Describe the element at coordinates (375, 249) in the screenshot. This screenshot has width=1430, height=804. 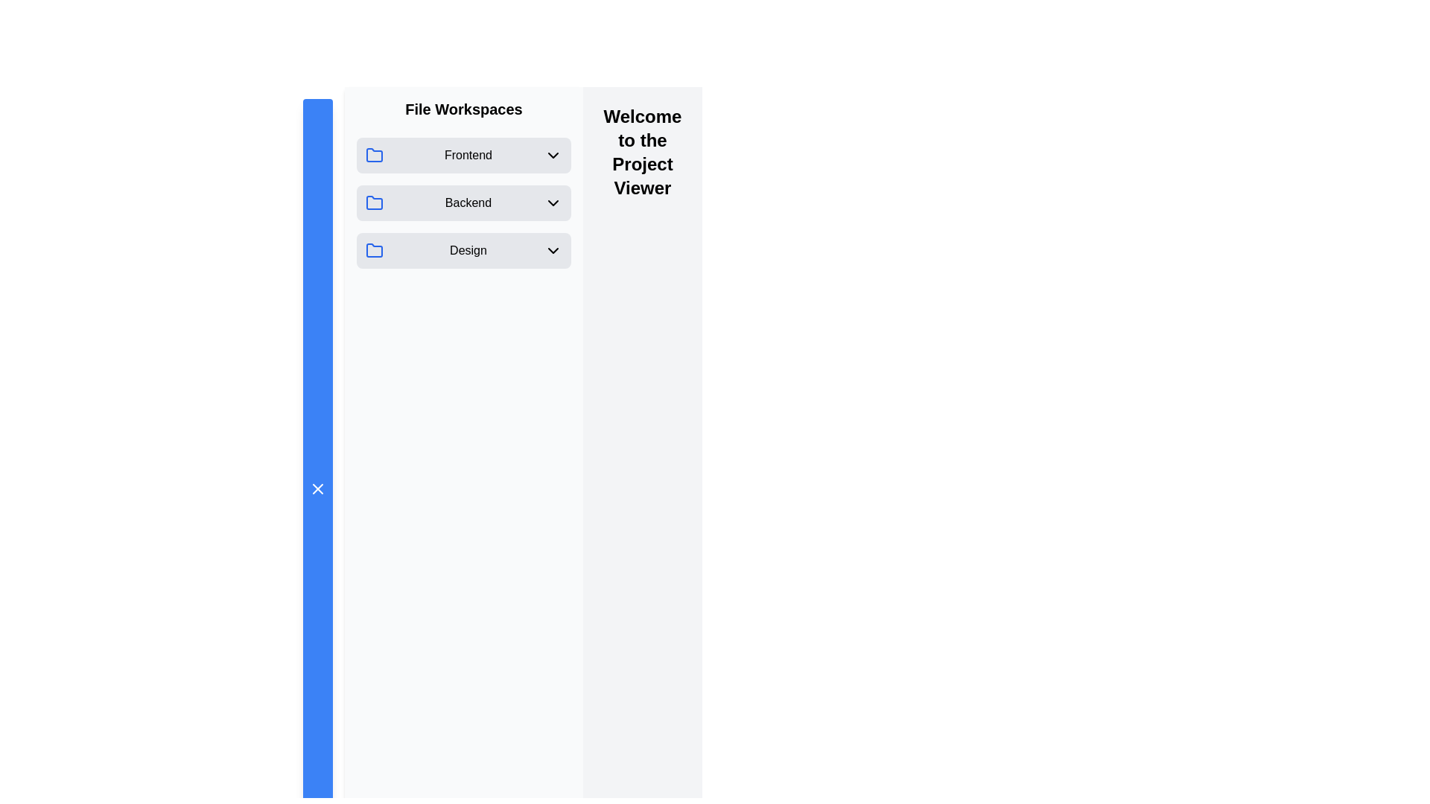
I see `the 'Design' workspace folder icon, which is the third folder icon in the 'File Workspaces' list, styled with clean blue lines and located in the sidebar menu` at that location.